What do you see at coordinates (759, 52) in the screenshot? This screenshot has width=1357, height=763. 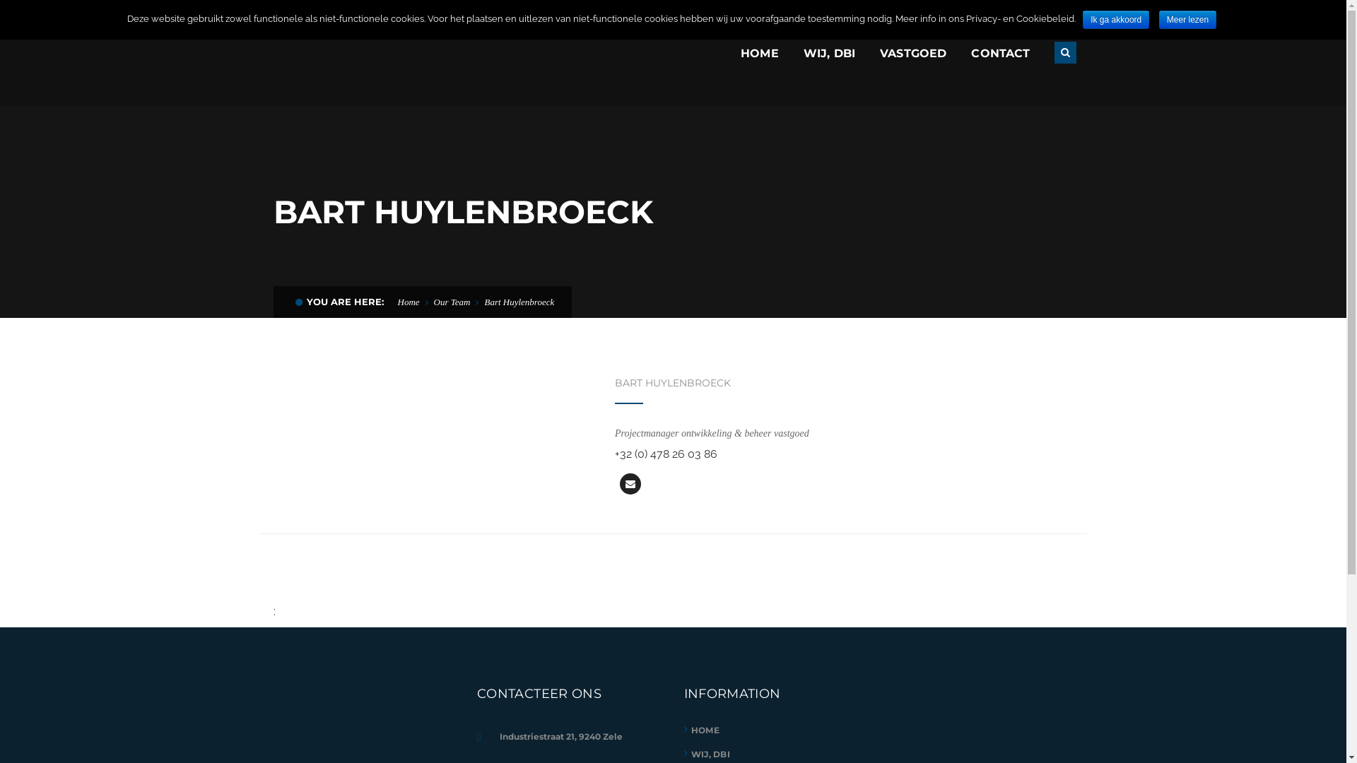 I see `'HOME'` at bounding box center [759, 52].